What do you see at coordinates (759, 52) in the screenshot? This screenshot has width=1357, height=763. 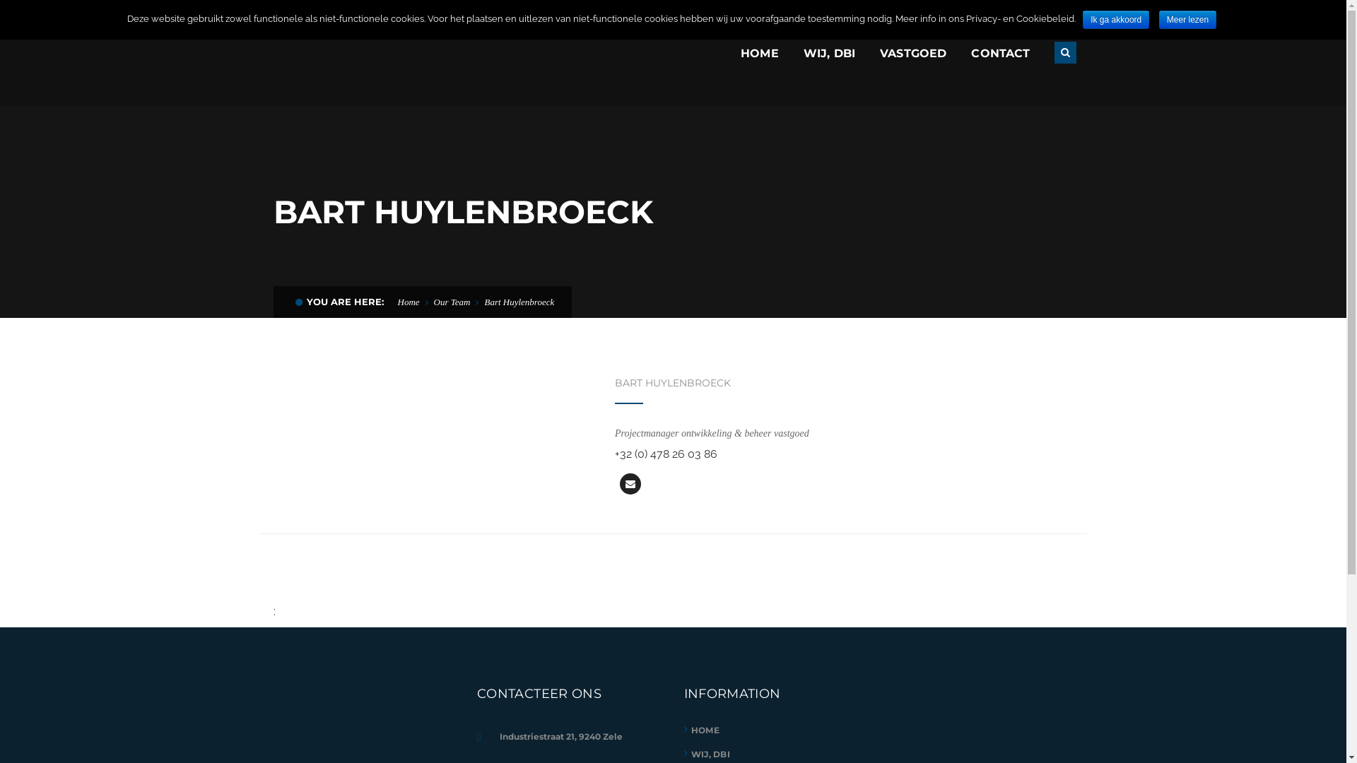 I see `'HOME'` at bounding box center [759, 52].